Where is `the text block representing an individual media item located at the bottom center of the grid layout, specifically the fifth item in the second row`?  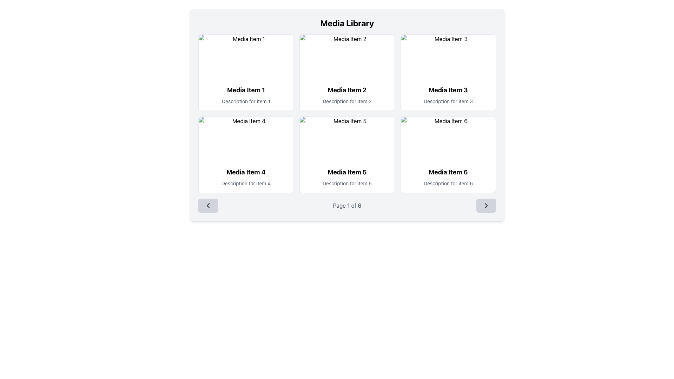 the text block representing an individual media item located at the bottom center of the grid layout, specifically the fifth item in the second row is located at coordinates (347, 177).